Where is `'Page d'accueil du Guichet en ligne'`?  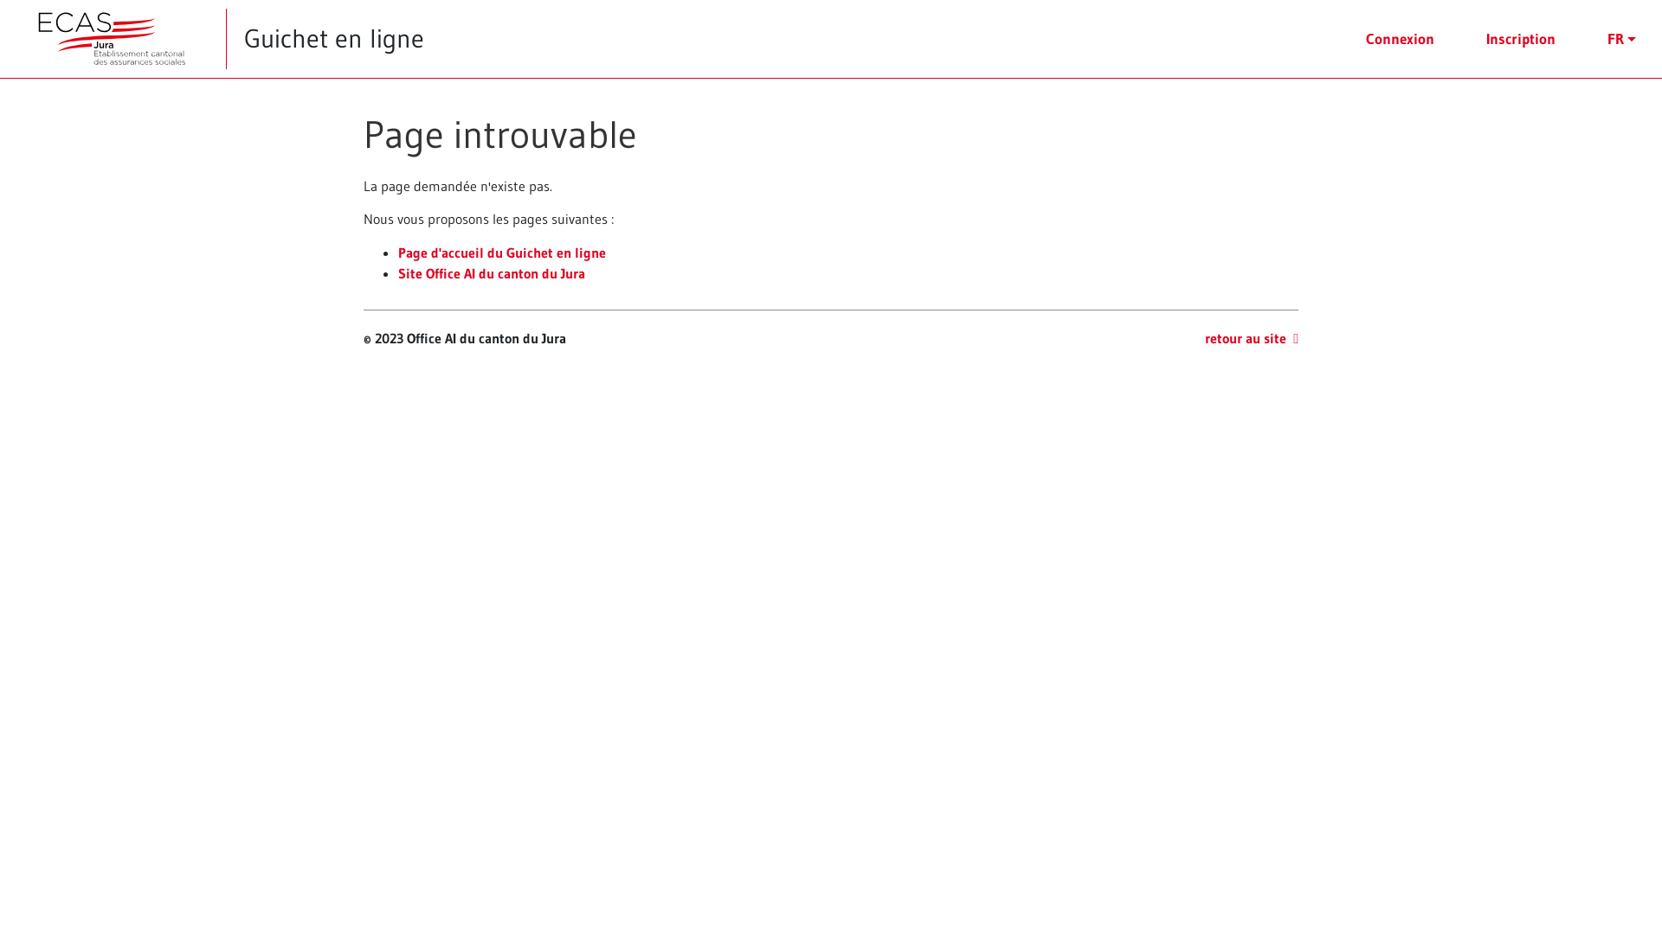 'Page d'accueil du Guichet en ligne' is located at coordinates (501, 253).